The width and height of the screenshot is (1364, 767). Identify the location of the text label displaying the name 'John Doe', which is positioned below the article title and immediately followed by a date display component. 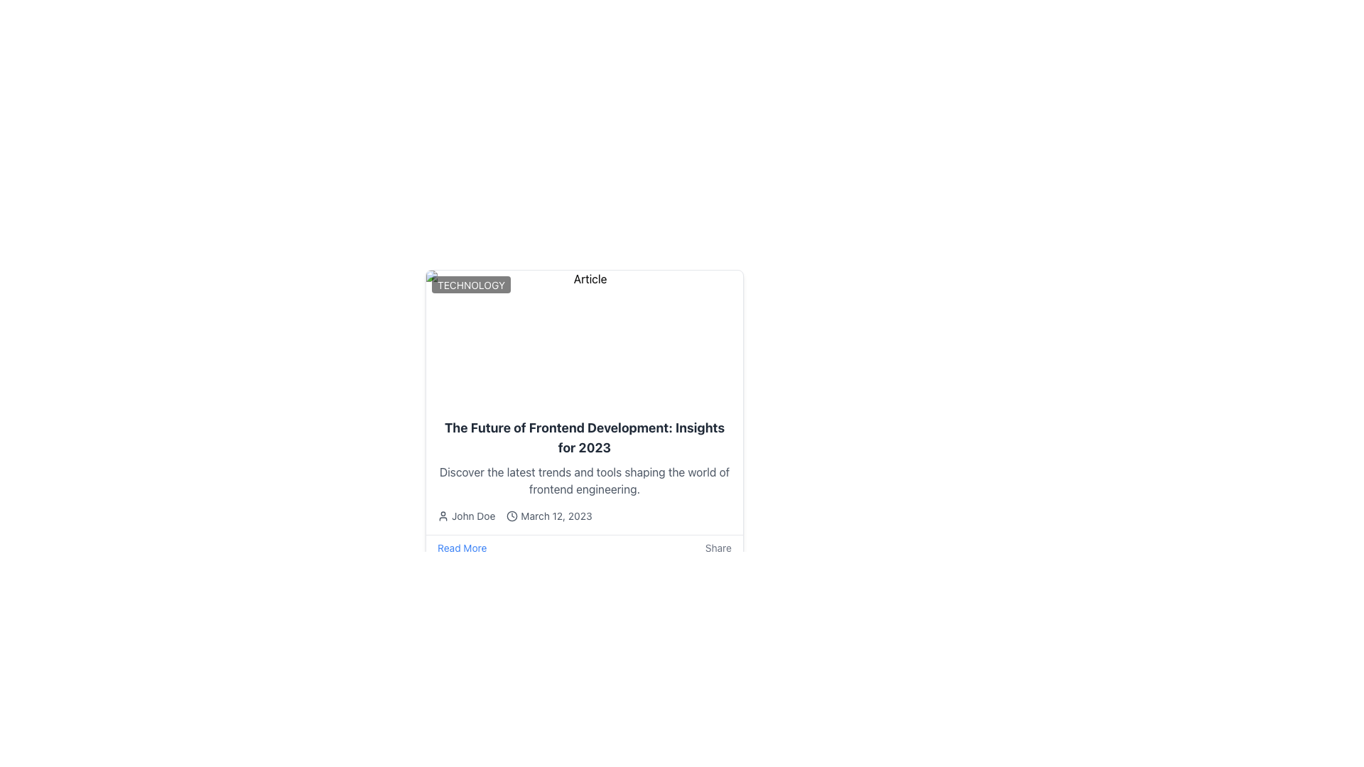
(473, 516).